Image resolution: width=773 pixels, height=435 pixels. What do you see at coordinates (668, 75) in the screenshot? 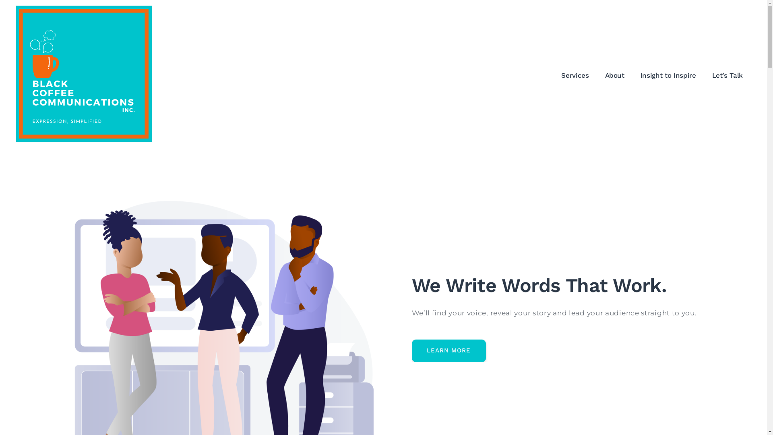
I see `'Insight to Inspire'` at bounding box center [668, 75].